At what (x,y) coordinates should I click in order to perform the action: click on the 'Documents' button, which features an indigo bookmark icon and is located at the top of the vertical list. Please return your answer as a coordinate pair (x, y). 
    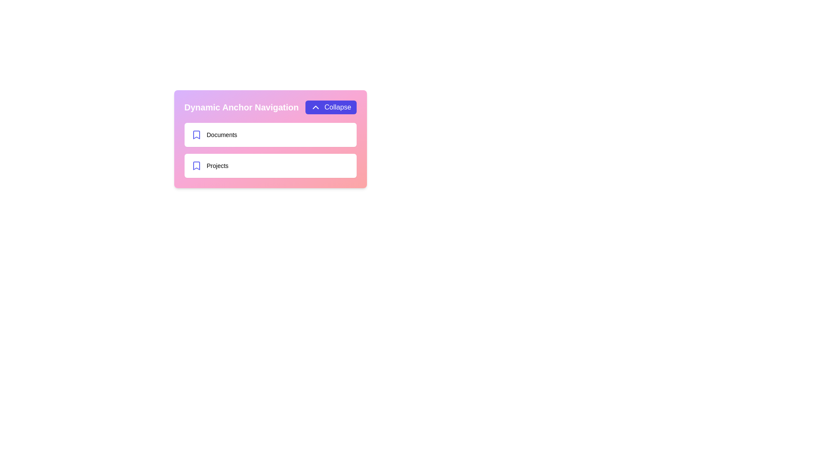
    Looking at the image, I should click on (214, 134).